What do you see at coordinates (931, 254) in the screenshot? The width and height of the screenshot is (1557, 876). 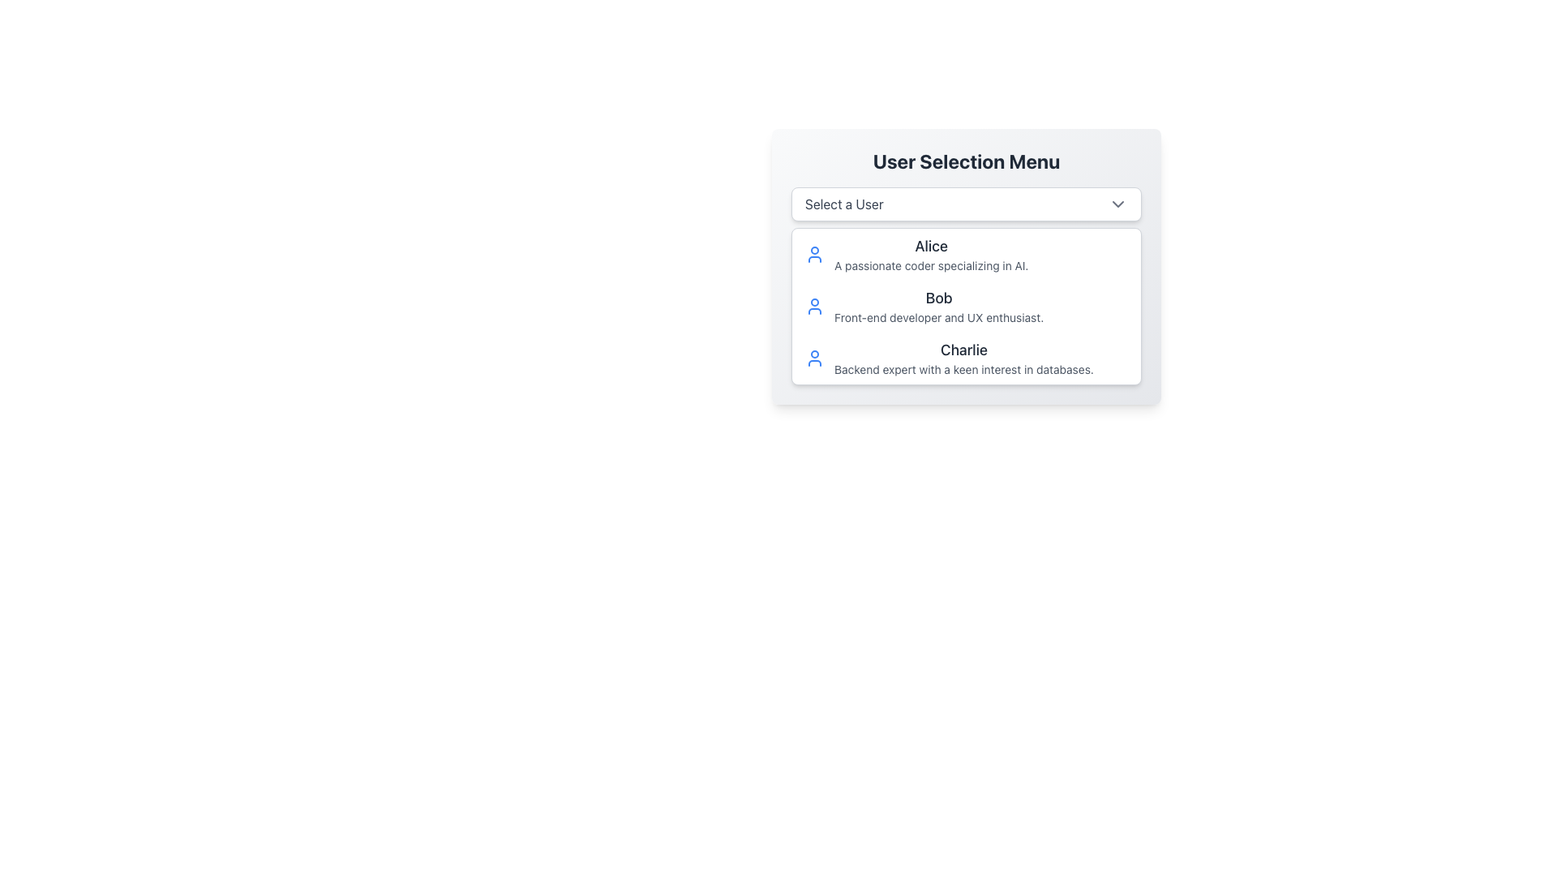 I see `the first user profile entry in the selection menu` at bounding box center [931, 254].